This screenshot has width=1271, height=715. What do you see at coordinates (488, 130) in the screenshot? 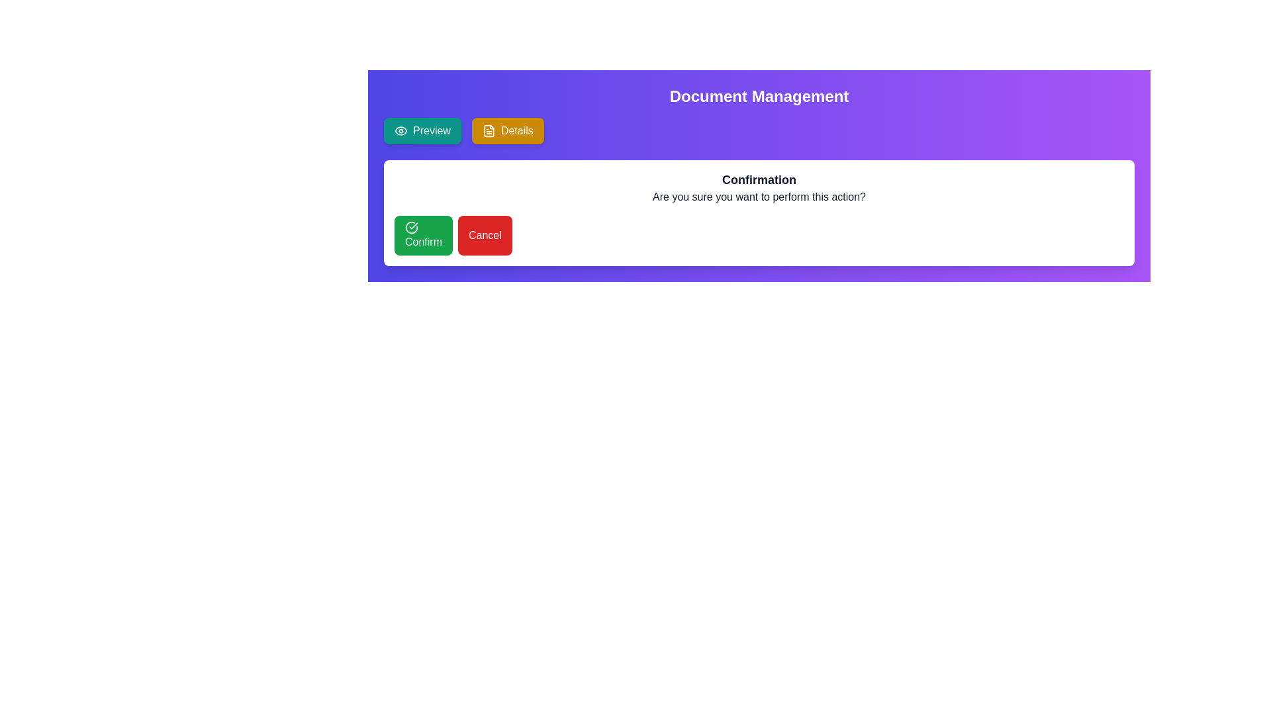
I see `the file icon with a document-like shape featuring a folded corner, located inside the 'Details' button in the top-left region of the application interface` at bounding box center [488, 130].